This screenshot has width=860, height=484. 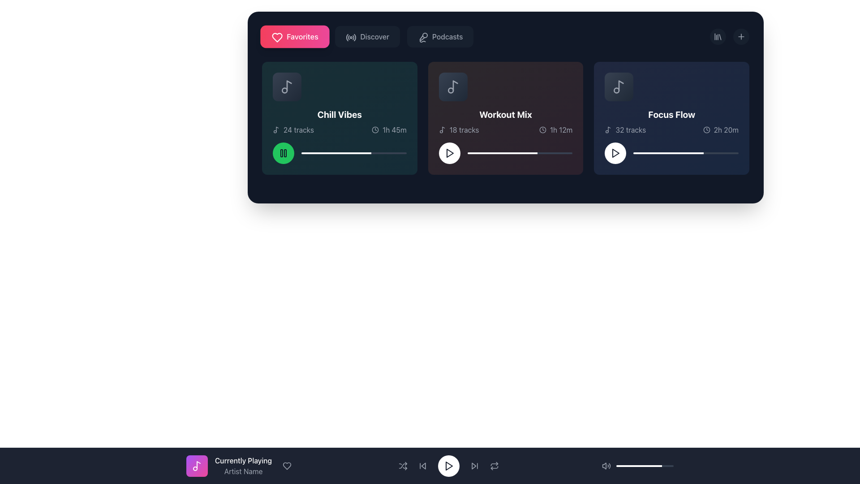 I want to click on the button located at the top-right corner of the interface, which serves as an action trigger for adding new items or creating content, so click(x=741, y=36).